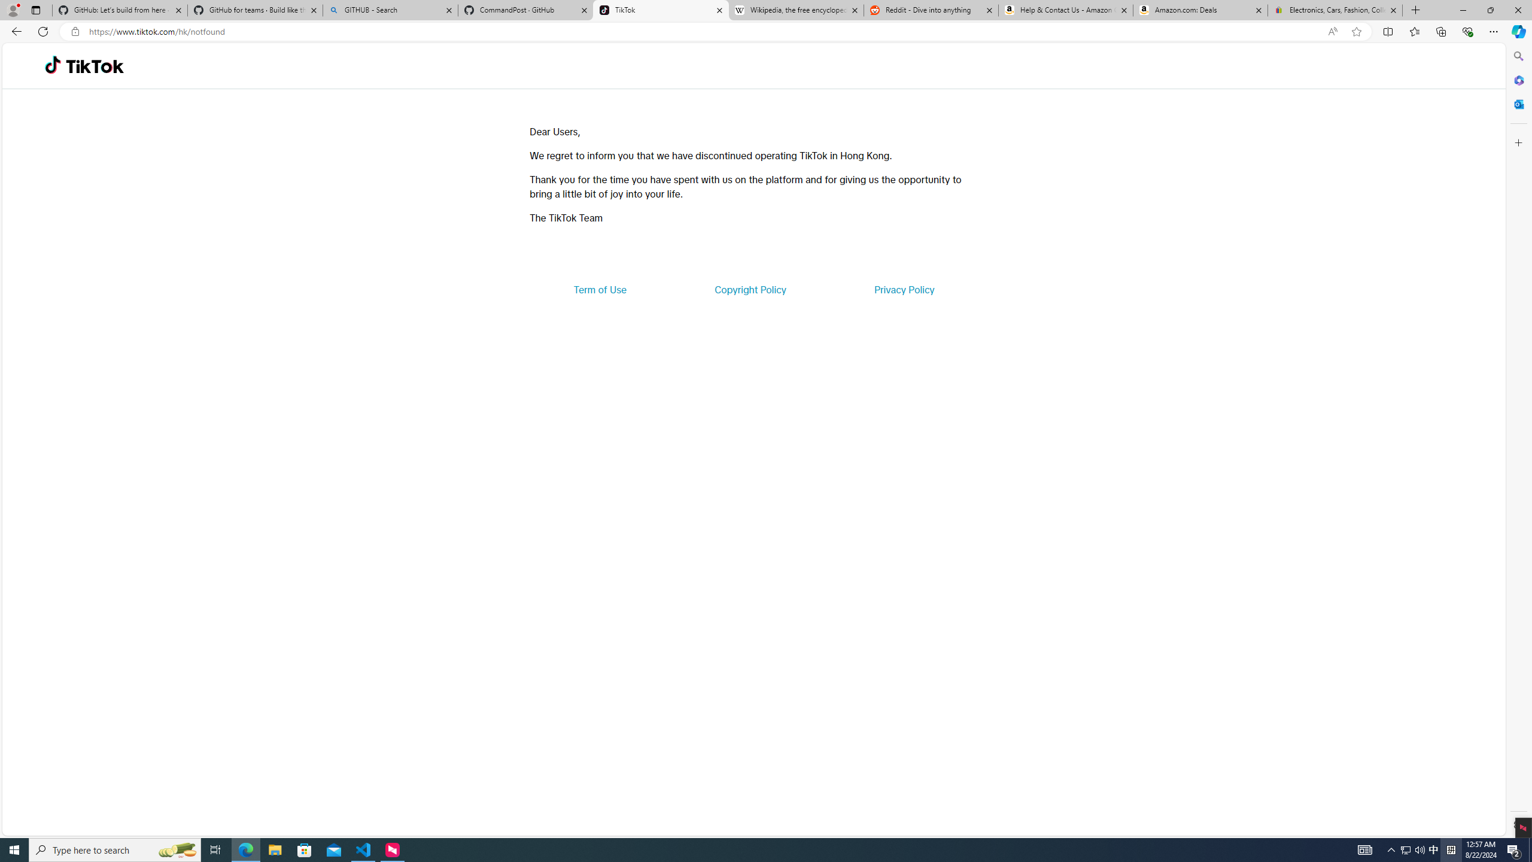 Image resolution: width=1532 pixels, height=862 pixels. I want to click on 'GITHUB - Search', so click(390, 10).